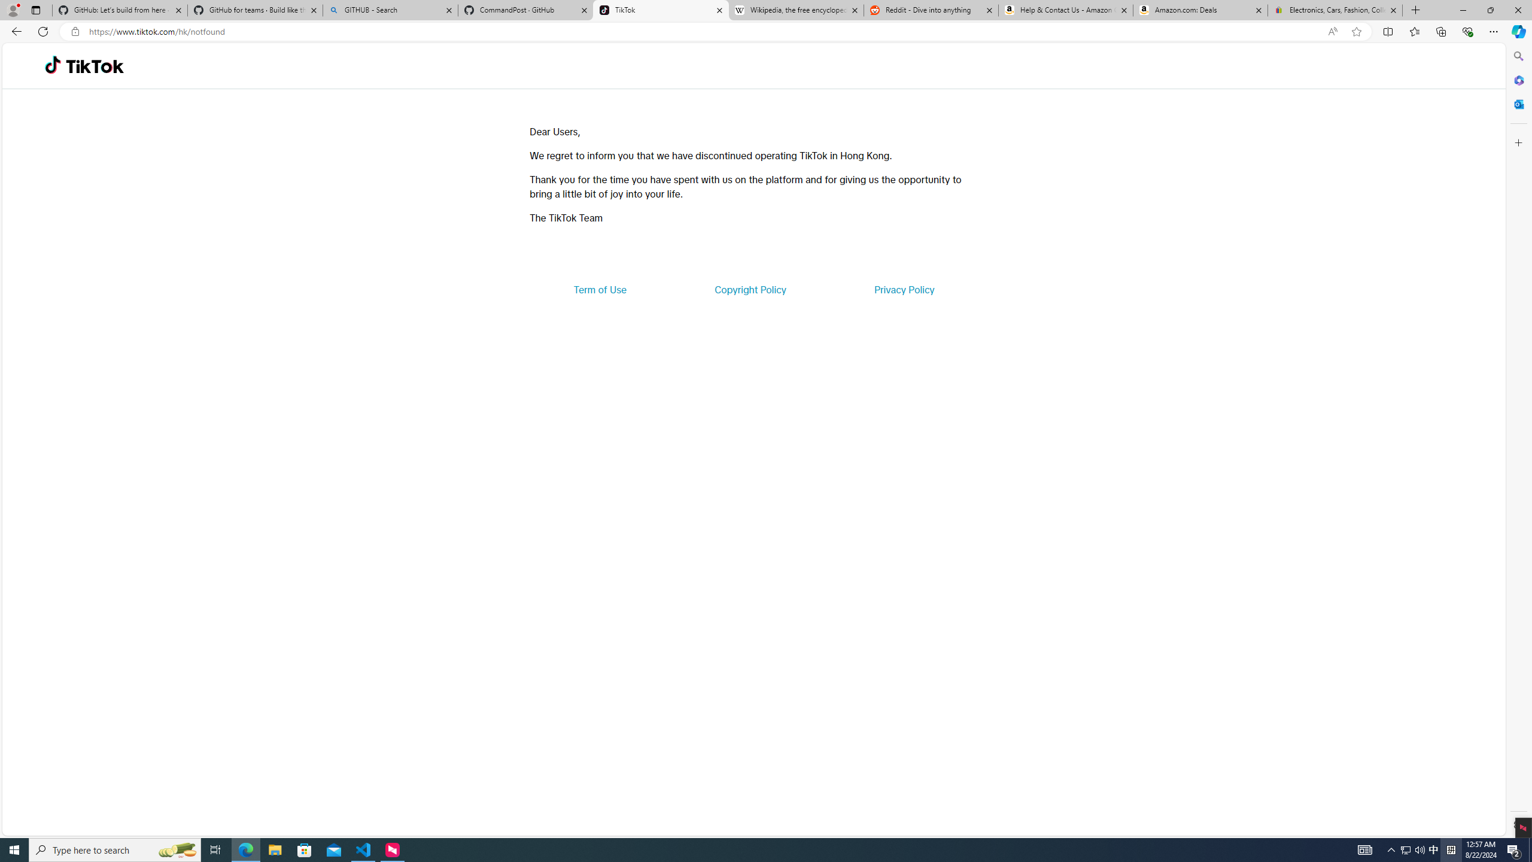 Image resolution: width=1532 pixels, height=862 pixels. I want to click on 'GITHUB - Search', so click(390, 10).